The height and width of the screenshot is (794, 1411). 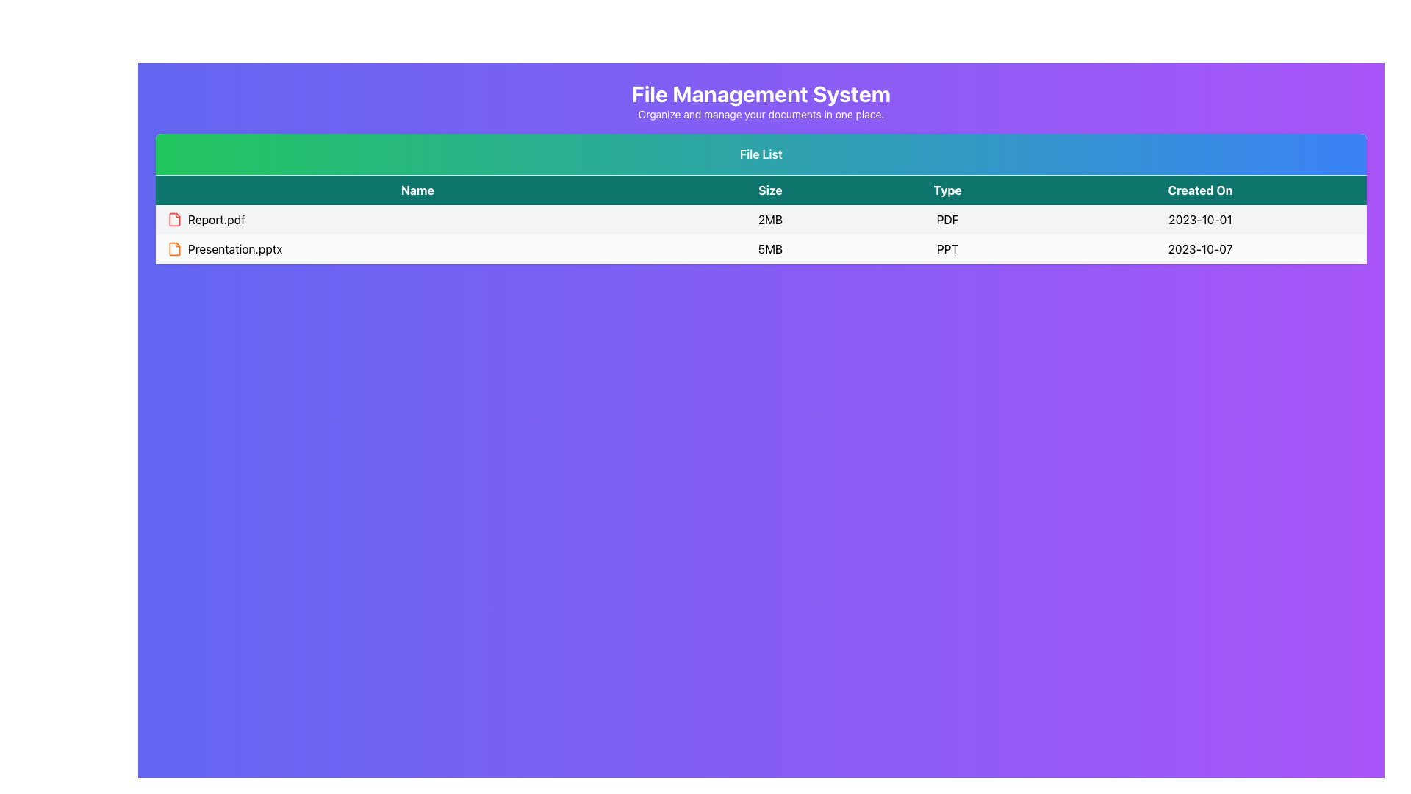 I want to click on the PDF file type icon for the 'Report.pdf' file, which is the first icon in the list under the 'Name' header, so click(x=175, y=220).